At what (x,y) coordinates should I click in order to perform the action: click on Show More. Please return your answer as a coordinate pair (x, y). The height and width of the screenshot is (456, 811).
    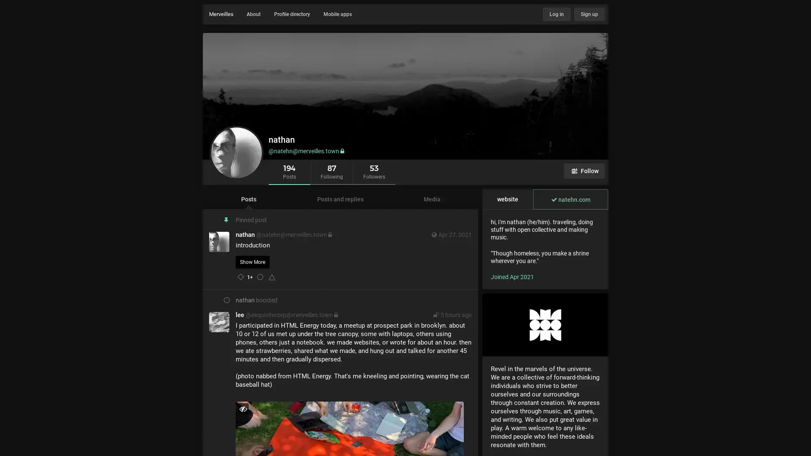
    Looking at the image, I should click on (252, 262).